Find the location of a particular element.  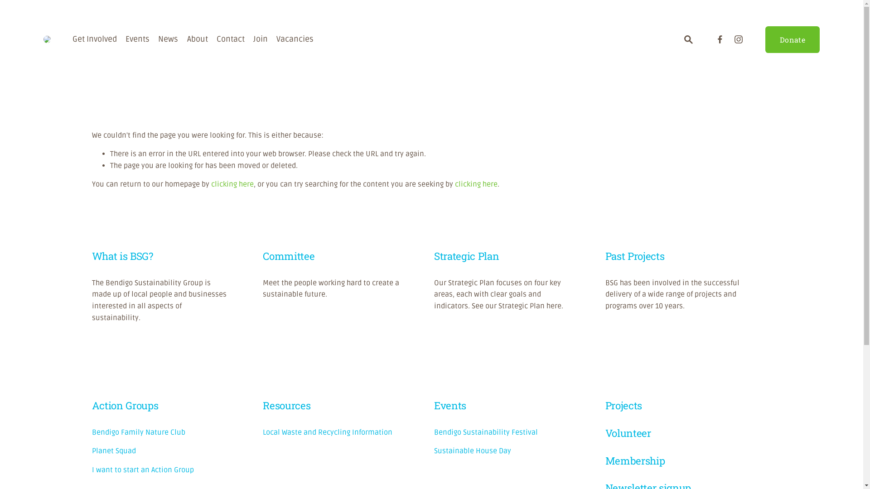

'I want to start an Action Group' is located at coordinates (142, 470).